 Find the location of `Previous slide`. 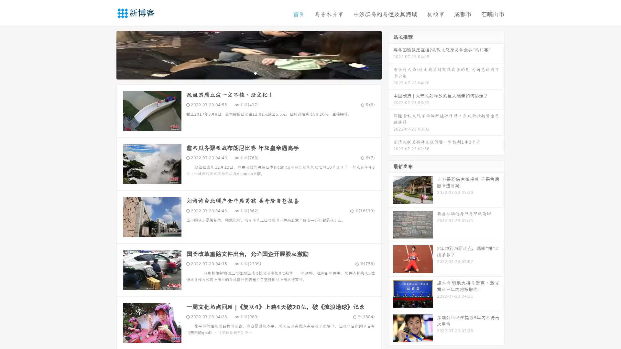

Previous slide is located at coordinates (107, 54).